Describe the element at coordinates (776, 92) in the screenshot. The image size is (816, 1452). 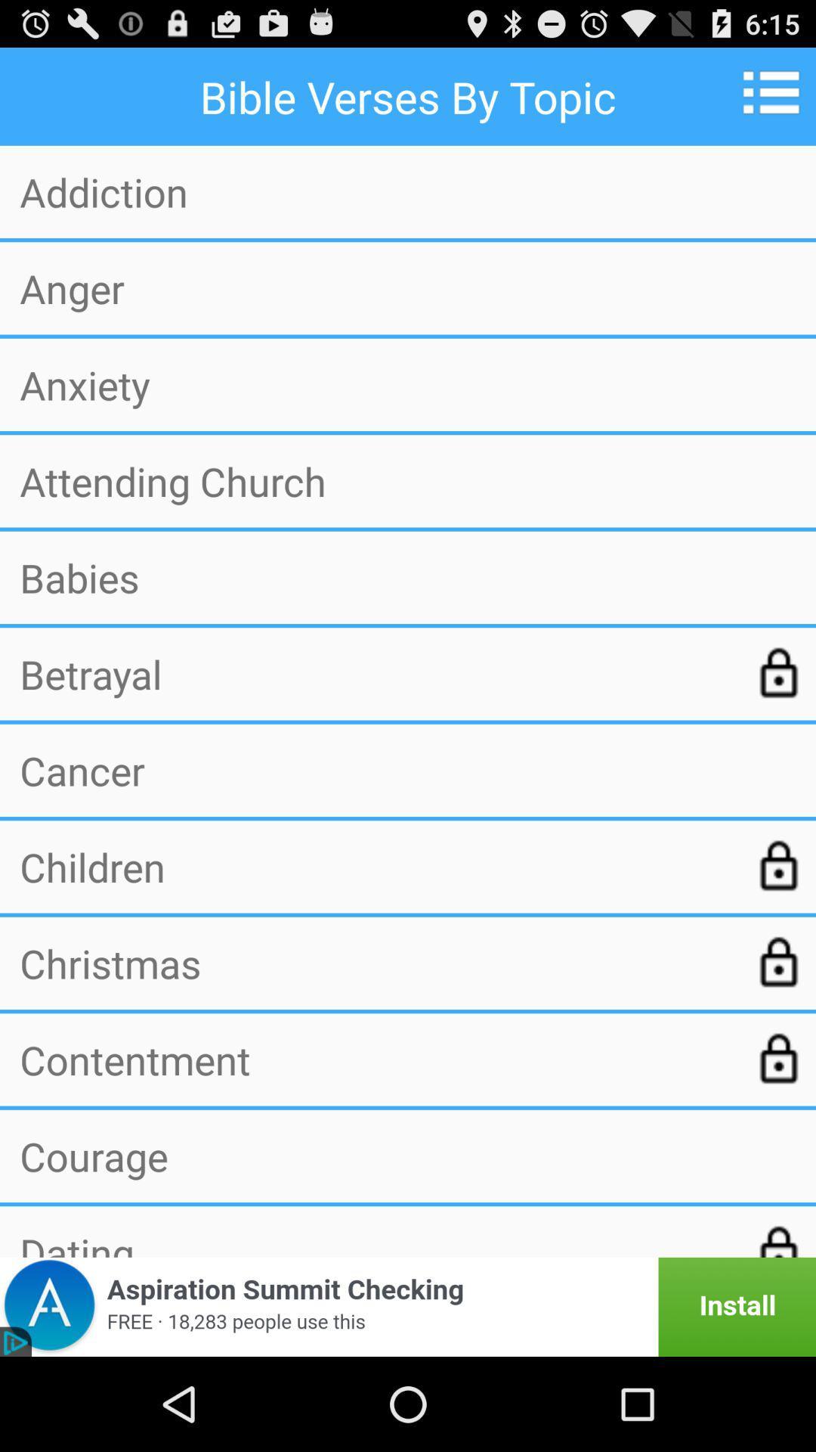
I see `the icon at the top right corner` at that location.